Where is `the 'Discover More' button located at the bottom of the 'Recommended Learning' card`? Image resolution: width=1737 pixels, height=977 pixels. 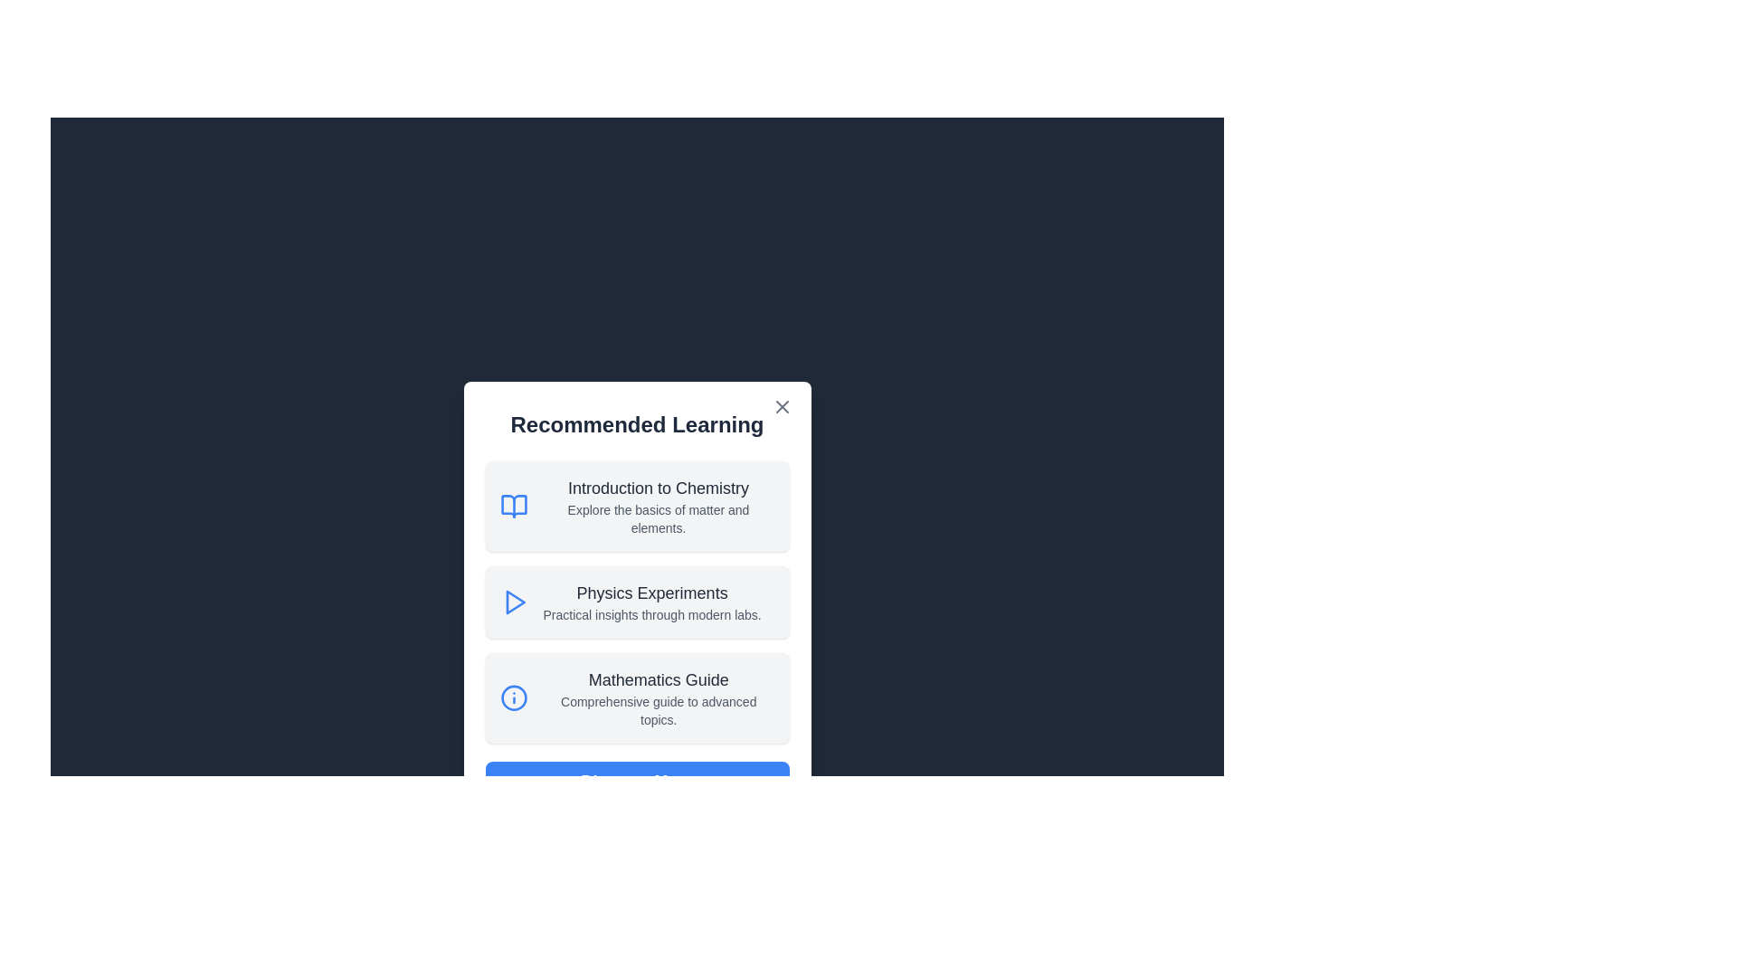 the 'Discover More' button located at the bottom of the 'Recommended Learning' card is located at coordinates (637, 781).